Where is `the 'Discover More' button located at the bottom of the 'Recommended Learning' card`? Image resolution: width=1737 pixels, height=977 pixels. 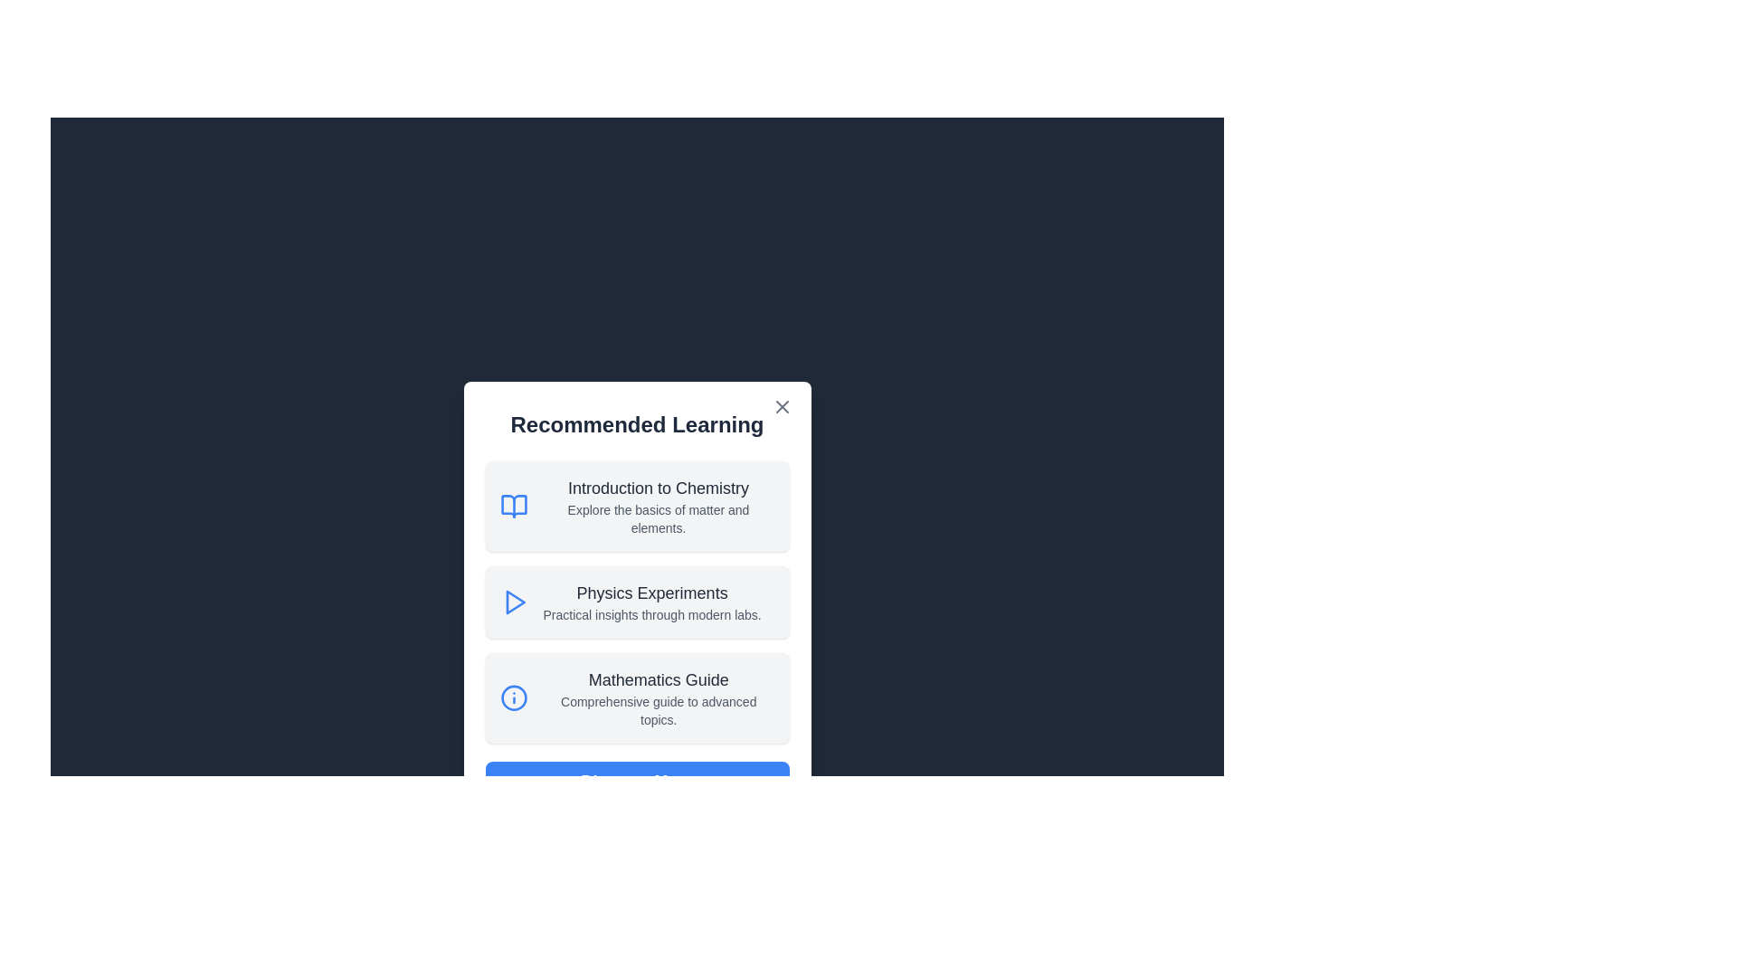 the 'Discover More' button located at the bottom of the 'Recommended Learning' card is located at coordinates (637, 781).